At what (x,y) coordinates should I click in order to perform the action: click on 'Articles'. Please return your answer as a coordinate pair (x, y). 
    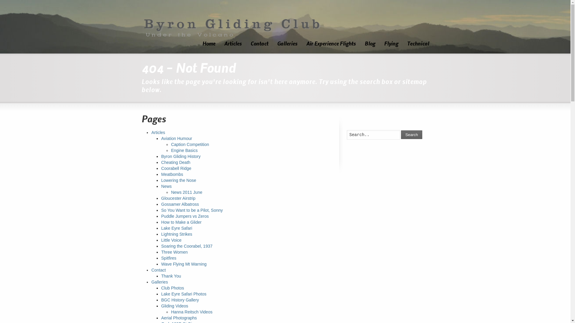
    Looking at the image, I should click on (232, 44).